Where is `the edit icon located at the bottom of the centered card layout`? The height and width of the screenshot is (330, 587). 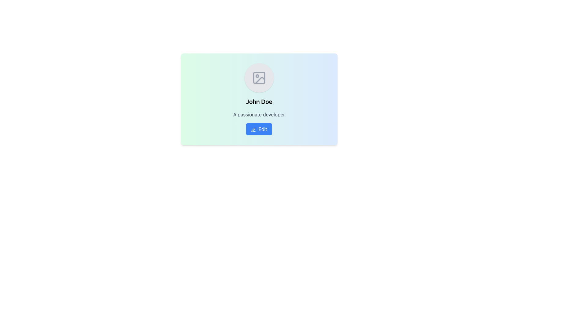
the edit icon located at the bottom of the centered card layout is located at coordinates (253, 129).